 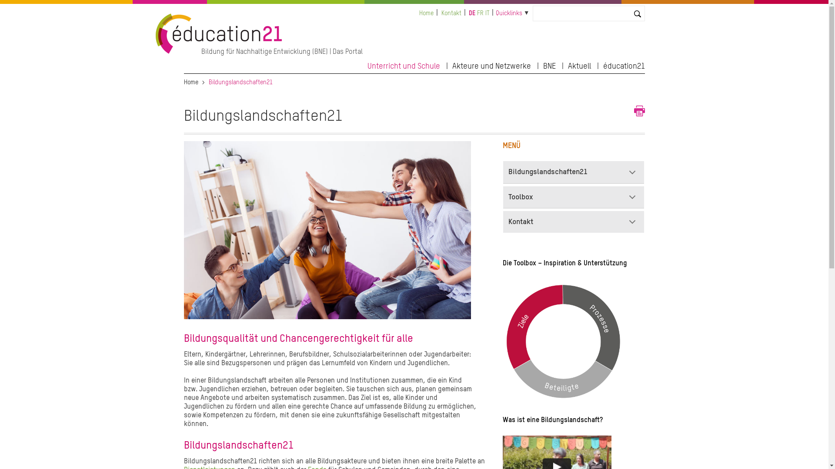 What do you see at coordinates (190, 82) in the screenshot?
I see `'Home'` at bounding box center [190, 82].